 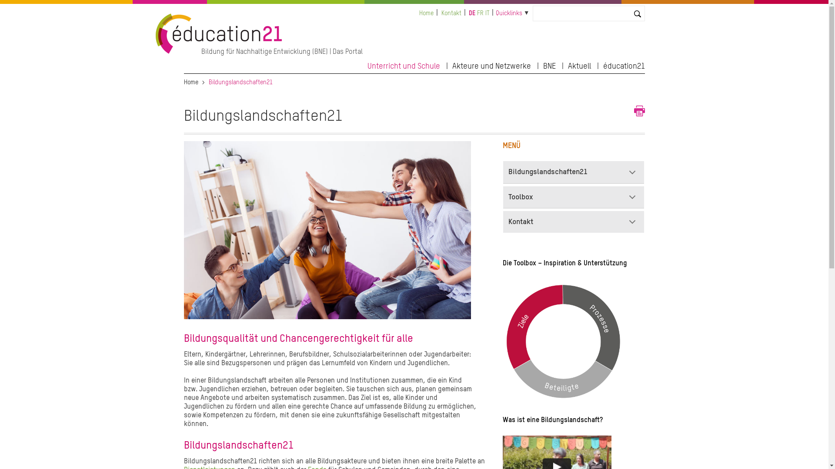 What do you see at coordinates (190, 82) in the screenshot?
I see `'Home'` at bounding box center [190, 82].